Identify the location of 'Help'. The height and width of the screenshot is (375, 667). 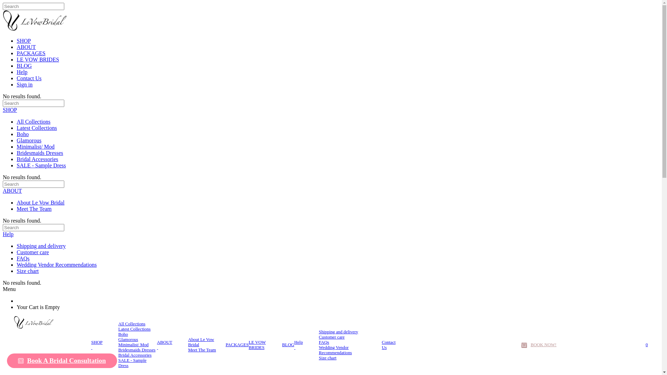
(8, 234).